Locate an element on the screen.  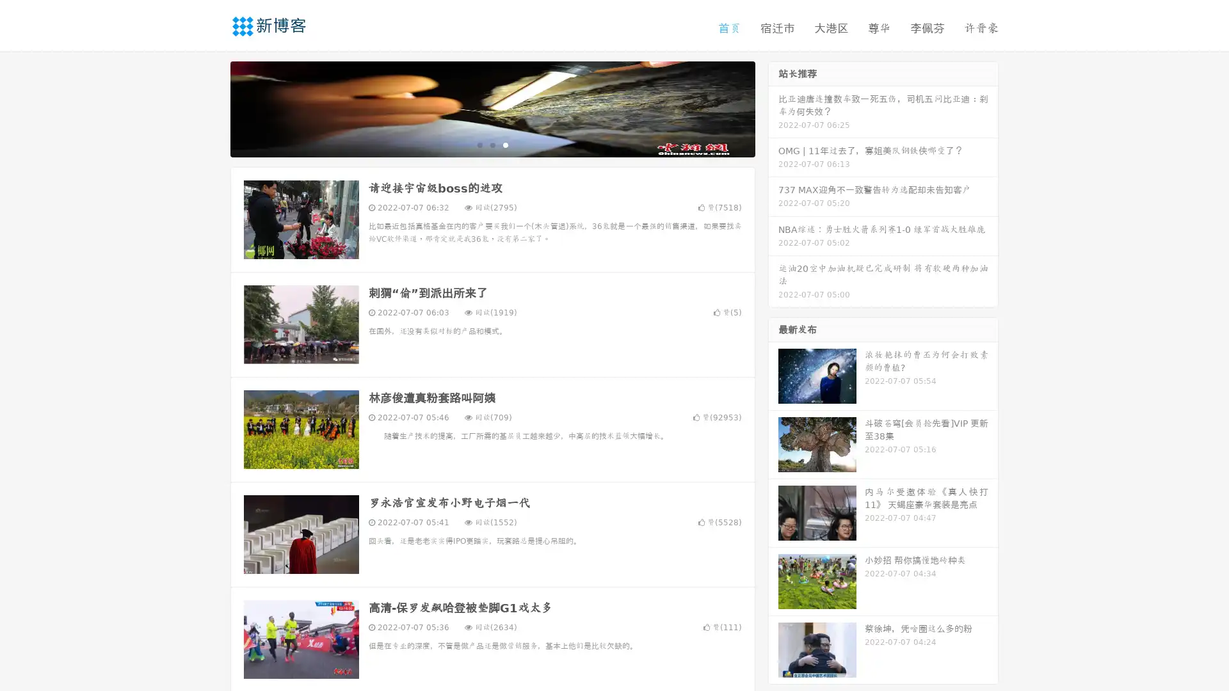
Go to slide 1 is located at coordinates (479, 144).